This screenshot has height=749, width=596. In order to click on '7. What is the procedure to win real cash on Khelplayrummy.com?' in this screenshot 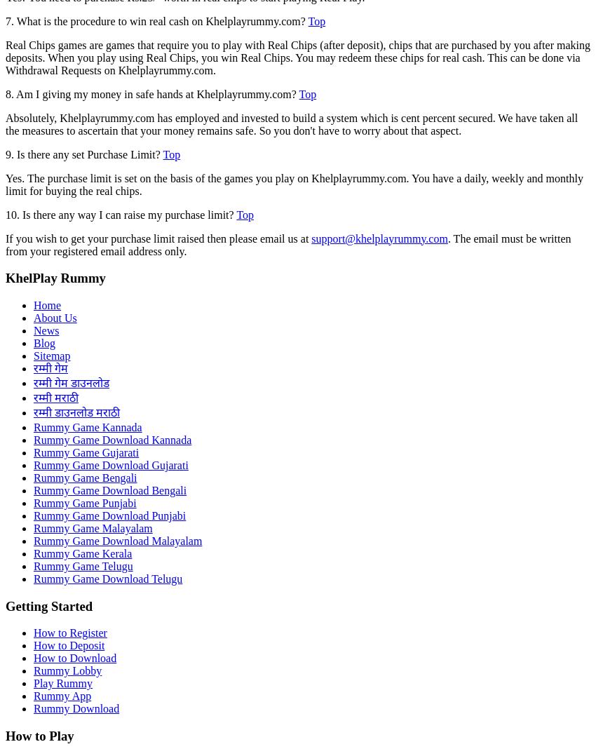, I will do `click(156, 20)`.